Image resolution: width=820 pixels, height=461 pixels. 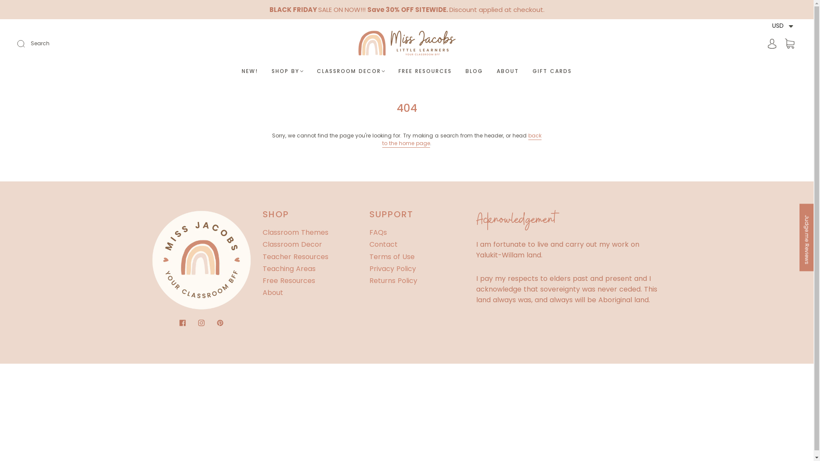 I want to click on 'Returns Policy', so click(x=392, y=280).